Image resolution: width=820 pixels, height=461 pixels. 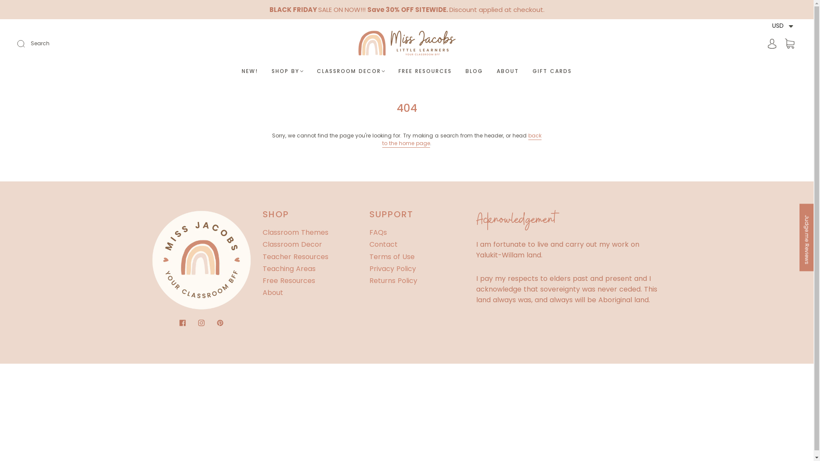 I want to click on 'Returns Policy', so click(x=392, y=280).